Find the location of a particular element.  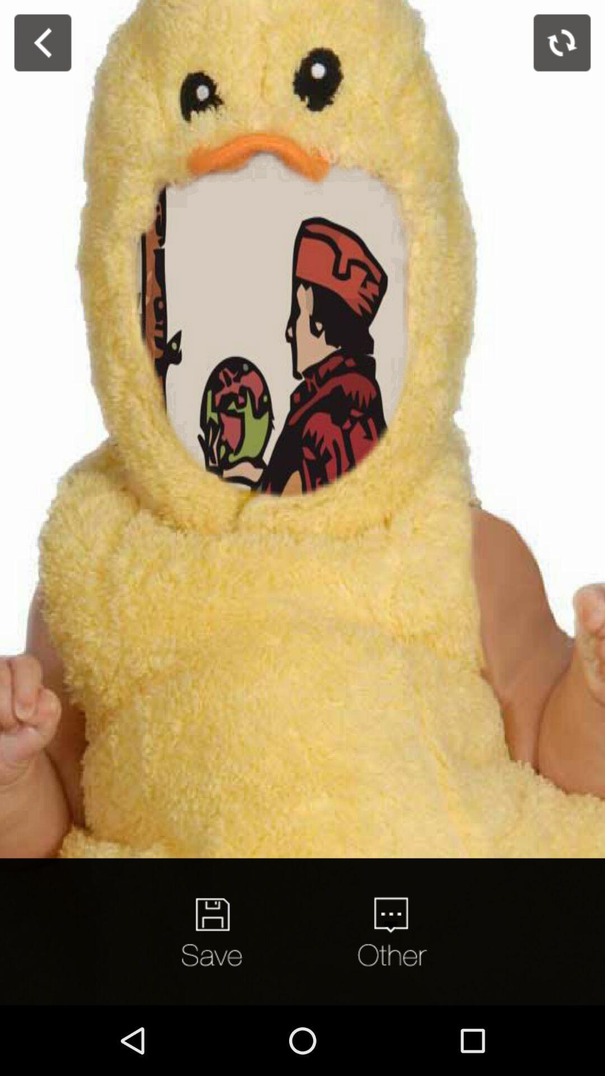

reload page is located at coordinates (562, 43).